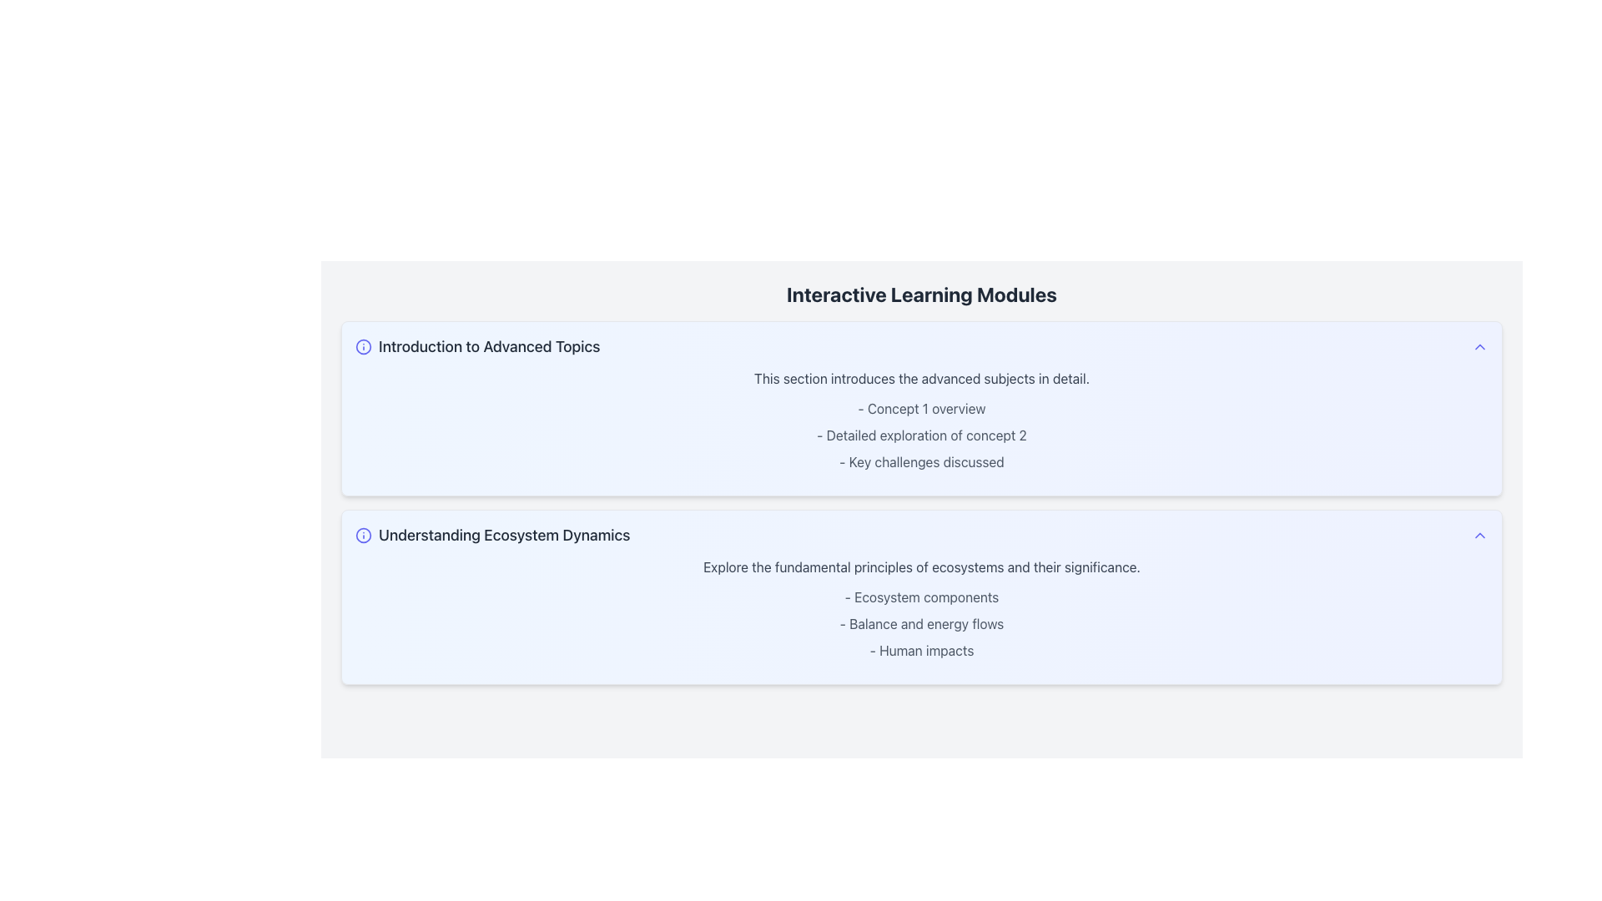 The width and height of the screenshot is (1602, 901). Describe the element at coordinates (1480, 346) in the screenshot. I see `the IconButton at the rightmost edge of the row for 'Introduction to Advanced Topics'` at that location.